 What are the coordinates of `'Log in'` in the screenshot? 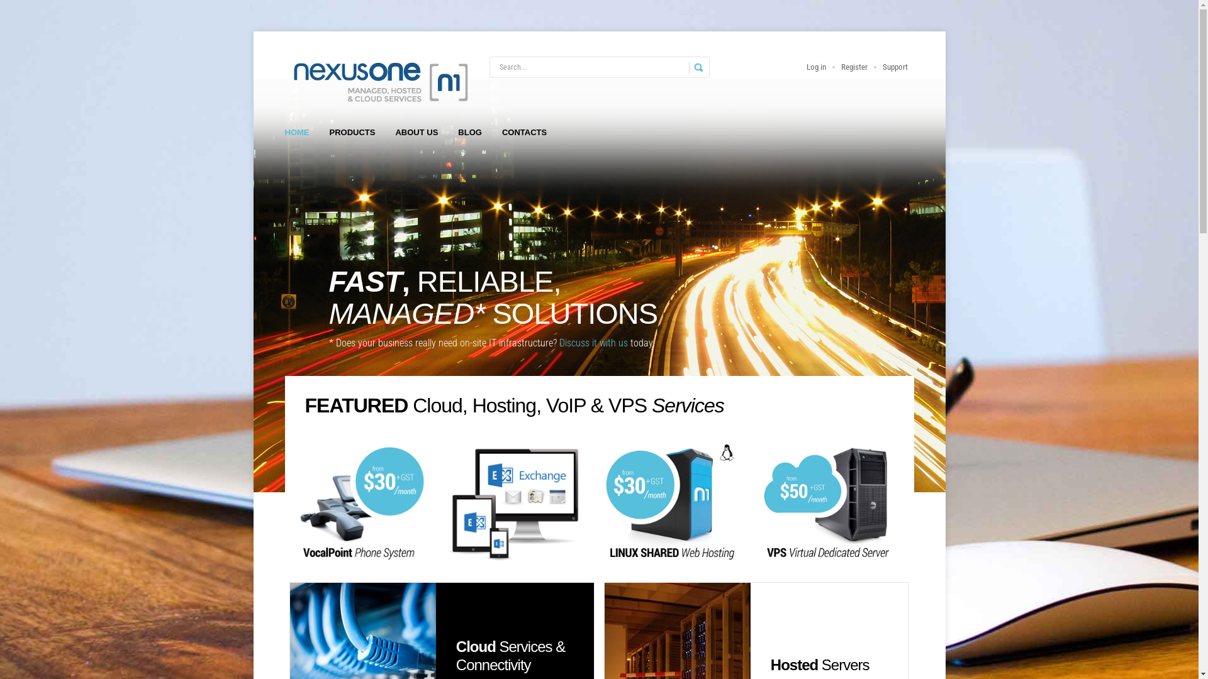 It's located at (816, 67).